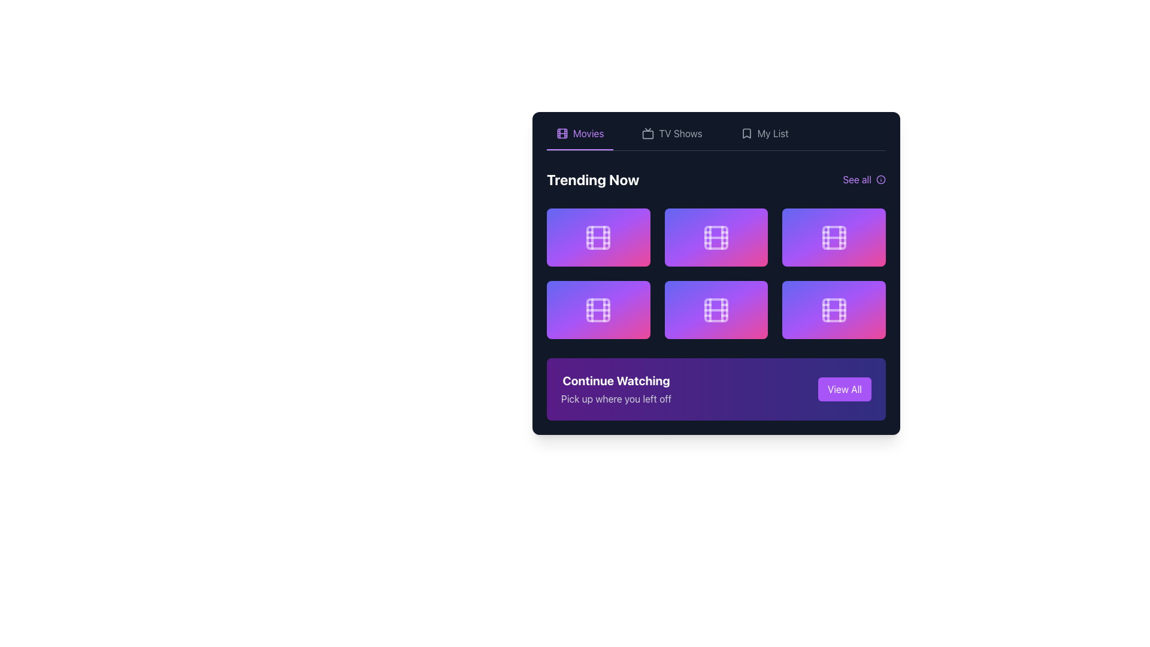 This screenshot has height=647, width=1150. What do you see at coordinates (716, 309) in the screenshot?
I see `around the decorative film strip icon in the thumbnail region of the 'Trending Now' section` at bounding box center [716, 309].